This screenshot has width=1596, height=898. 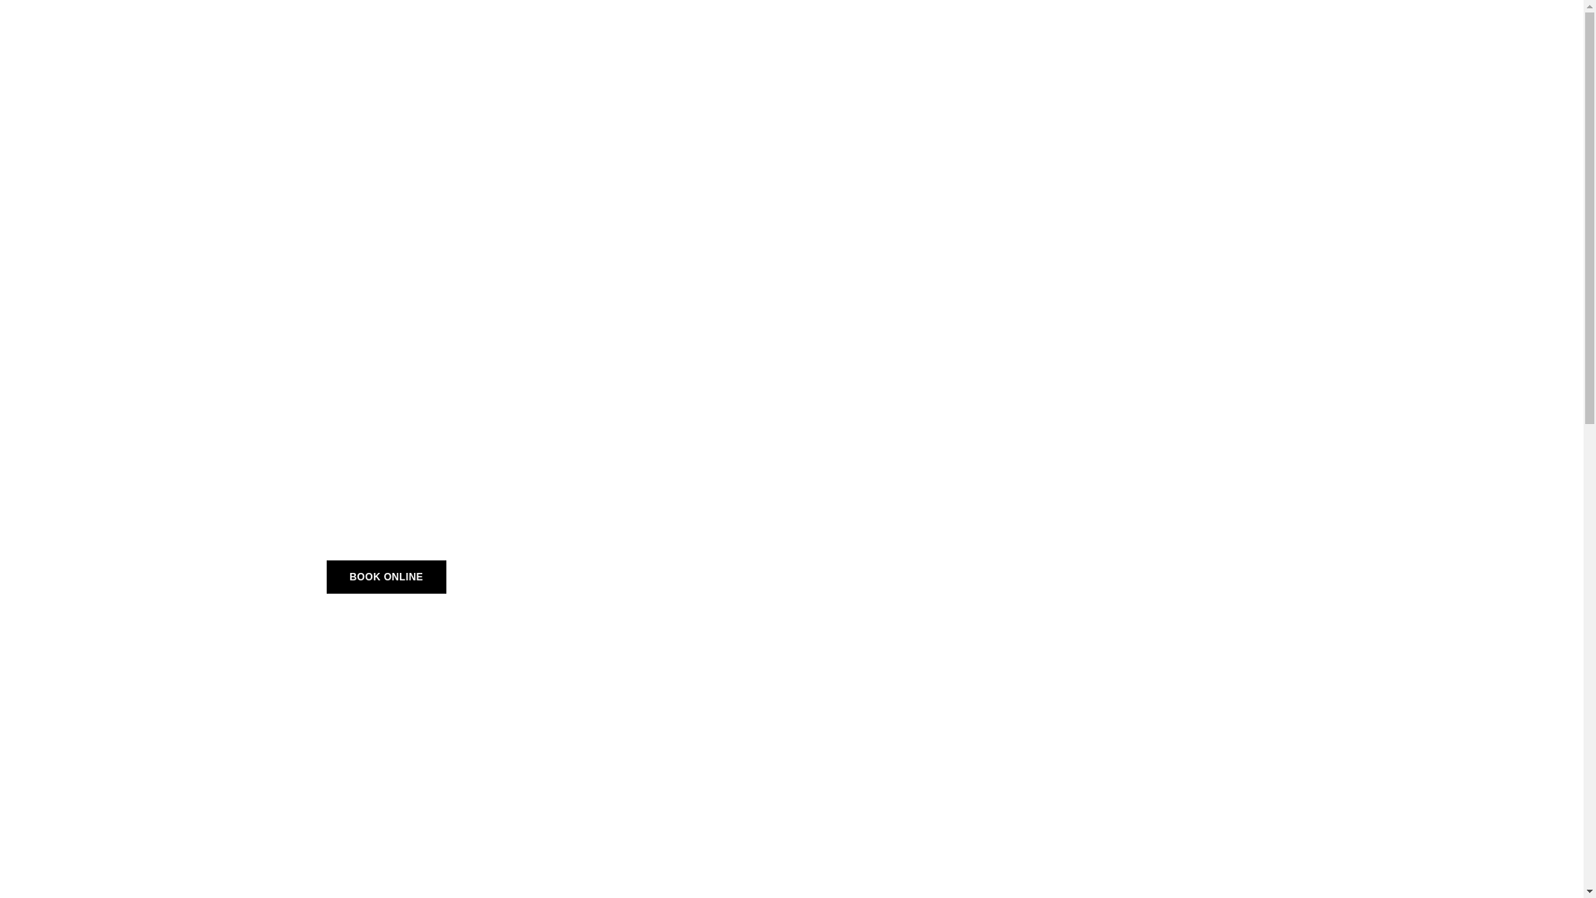 I want to click on 'BOOK ONLINE', so click(x=385, y=576).